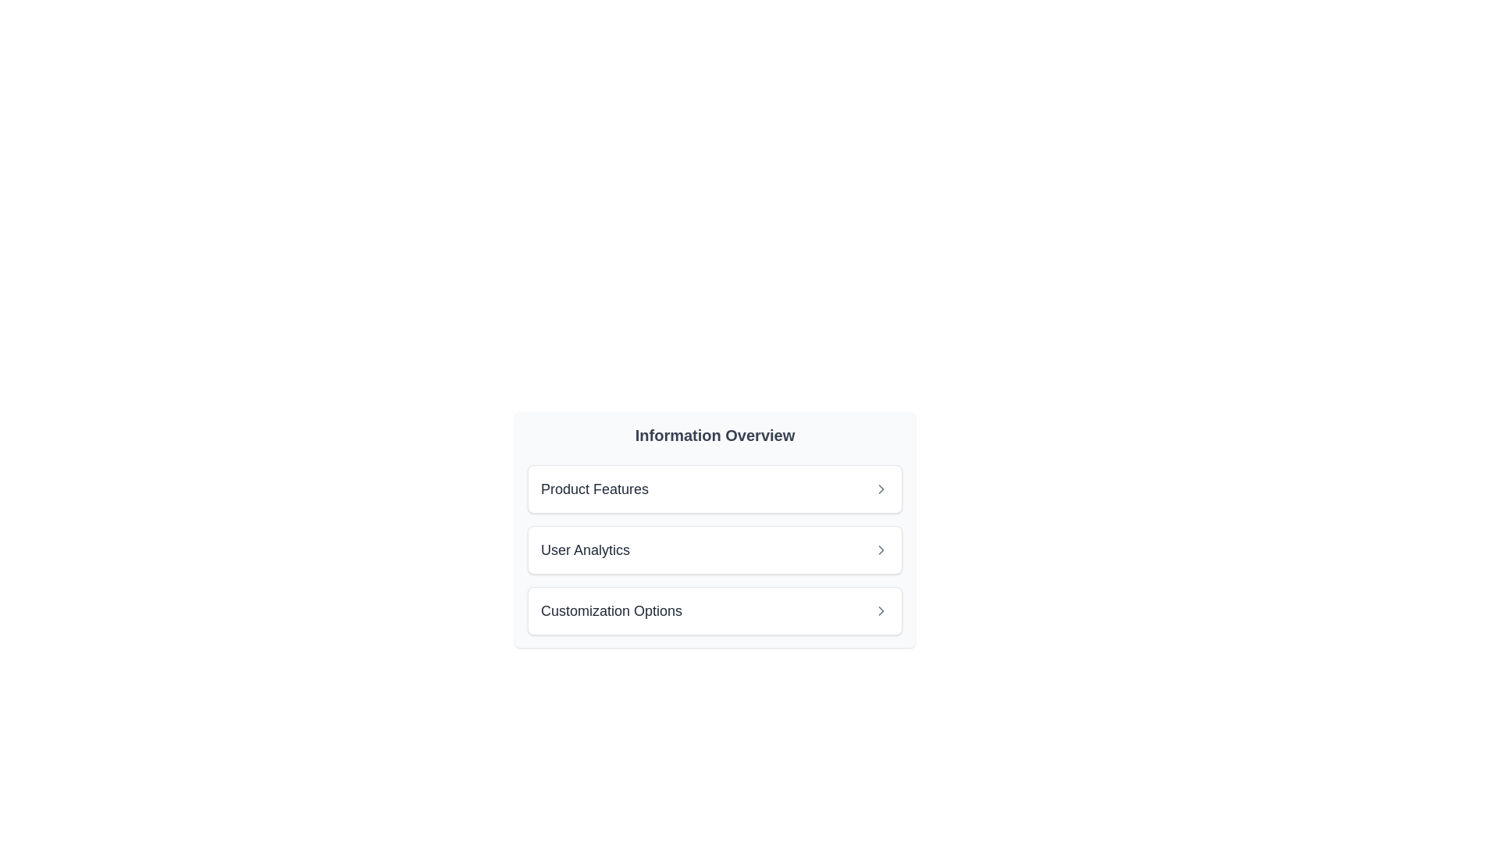 The width and height of the screenshot is (1499, 843). What do you see at coordinates (594, 489) in the screenshot?
I see `text label indicating 'Product Features', which is the first item in the 'Information Overview' list located at the top-left corner` at bounding box center [594, 489].